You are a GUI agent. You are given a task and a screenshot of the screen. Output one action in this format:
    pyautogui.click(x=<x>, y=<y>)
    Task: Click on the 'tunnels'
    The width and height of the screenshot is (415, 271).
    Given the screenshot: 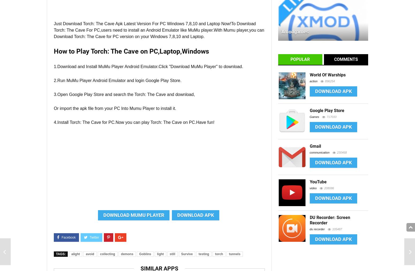 What is the action you would take?
    pyautogui.click(x=235, y=254)
    